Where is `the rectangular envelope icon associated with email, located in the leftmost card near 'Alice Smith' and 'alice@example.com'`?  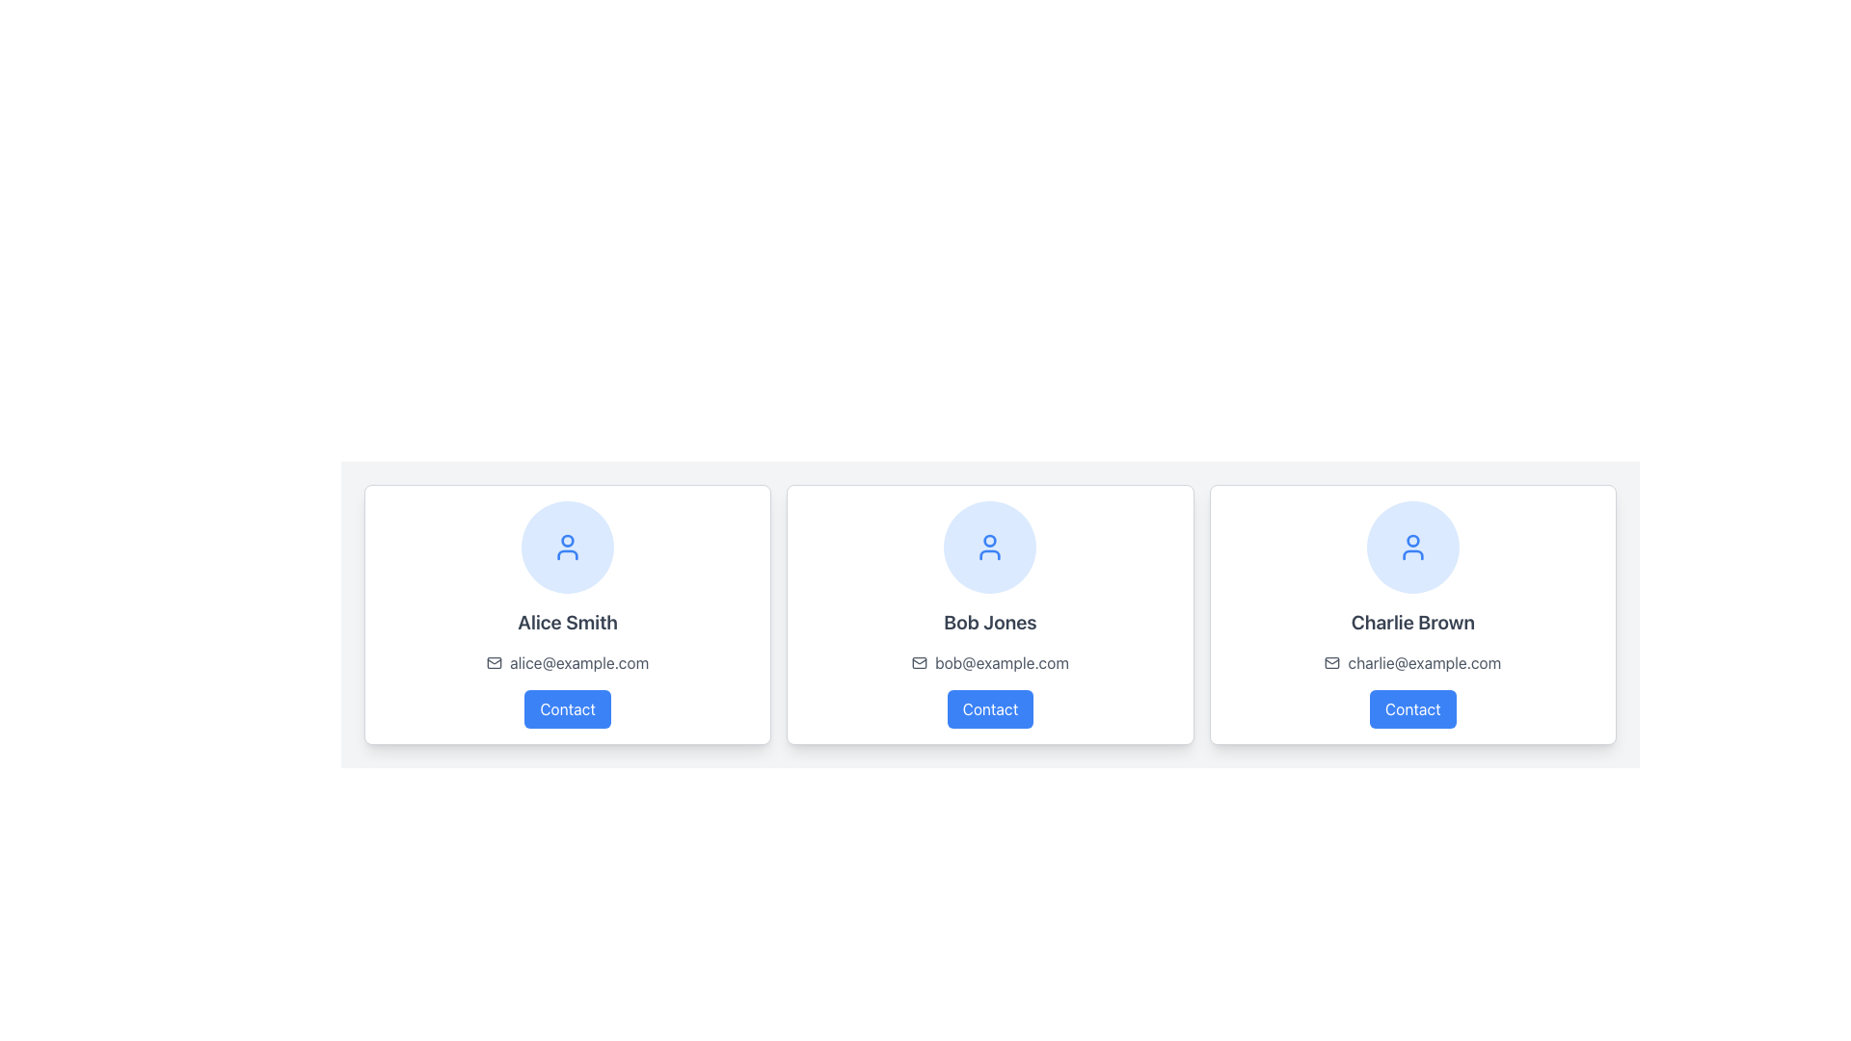
the rectangular envelope icon associated with email, located in the leftmost card near 'Alice Smith' and 'alice@example.com' is located at coordinates (495, 661).